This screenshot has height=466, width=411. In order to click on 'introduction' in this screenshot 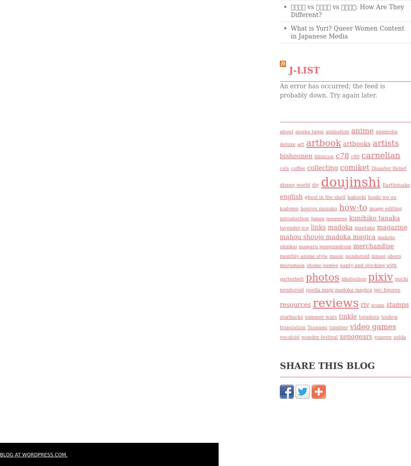, I will do `click(280, 219)`.